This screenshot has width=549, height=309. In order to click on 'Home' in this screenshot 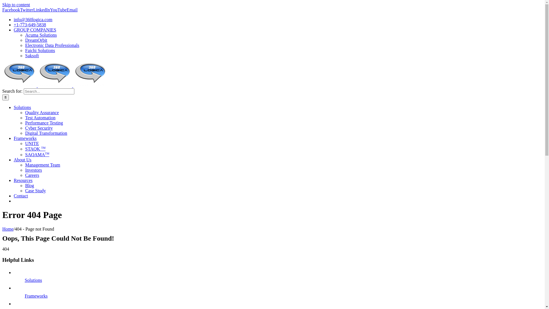, I will do `click(8, 229)`.